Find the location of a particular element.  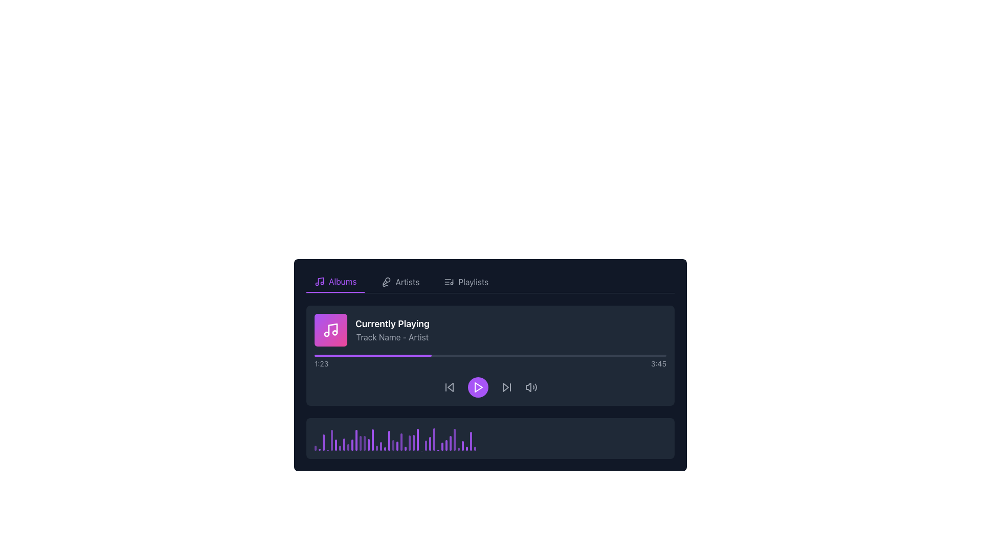

the music note icon located on the left side of the 'Currently Playing' section, just above the text 'Track Name - Artist' is located at coordinates (331, 330).